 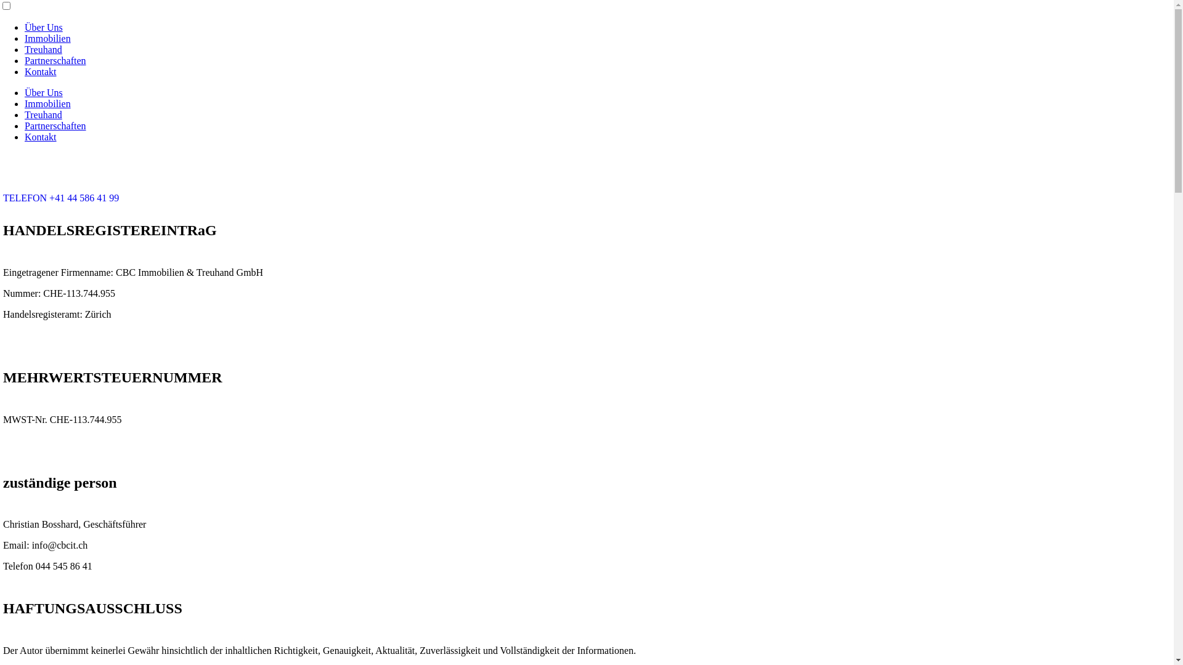 I want to click on 'Kontakt', so click(x=41, y=137).